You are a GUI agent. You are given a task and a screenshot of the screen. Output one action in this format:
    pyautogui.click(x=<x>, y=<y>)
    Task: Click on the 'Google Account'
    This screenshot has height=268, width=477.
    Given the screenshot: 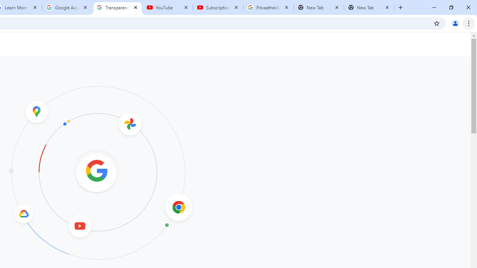 What is the action you would take?
    pyautogui.click(x=67, y=7)
    